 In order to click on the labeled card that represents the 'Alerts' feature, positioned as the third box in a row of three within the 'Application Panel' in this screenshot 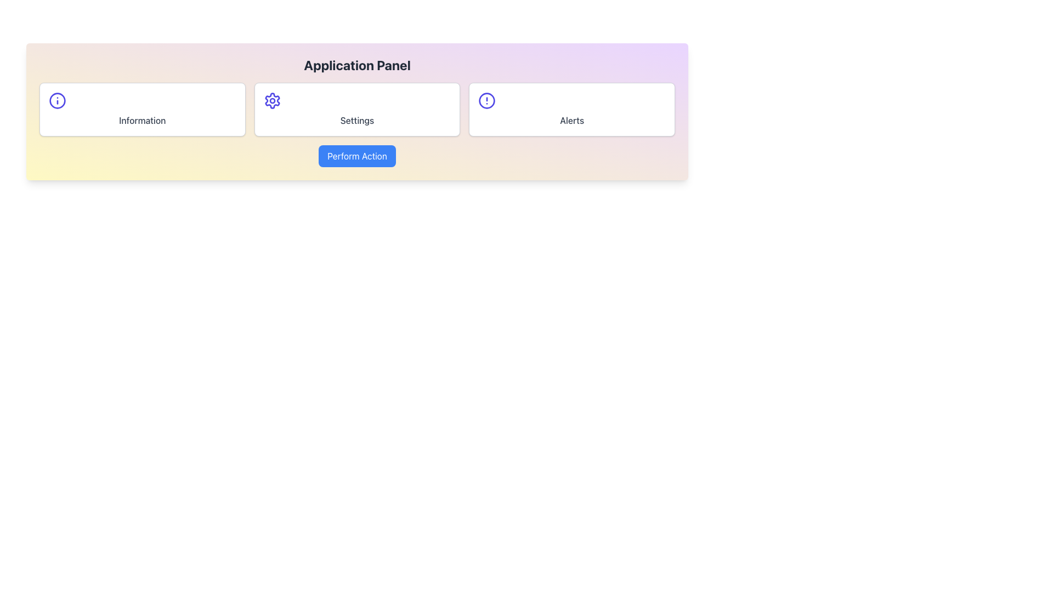, I will do `click(571, 110)`.